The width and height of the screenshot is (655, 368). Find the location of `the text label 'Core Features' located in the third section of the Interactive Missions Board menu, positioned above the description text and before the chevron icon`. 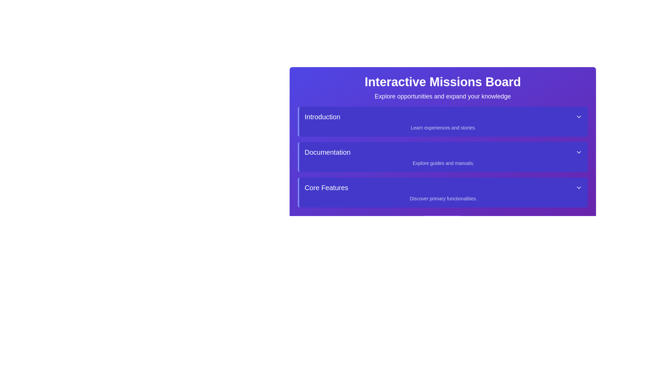

the text label 'Core Features' located in the third section of the Interactive Missions Board menu, positioned above the description text and before the chevron icon is located at coordinates (326, 188).